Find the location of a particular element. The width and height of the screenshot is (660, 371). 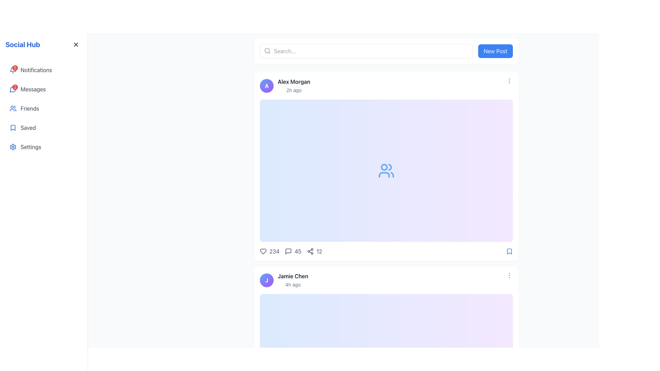

the share icon represented by a connected node graph is located at coordinates (310, 251).